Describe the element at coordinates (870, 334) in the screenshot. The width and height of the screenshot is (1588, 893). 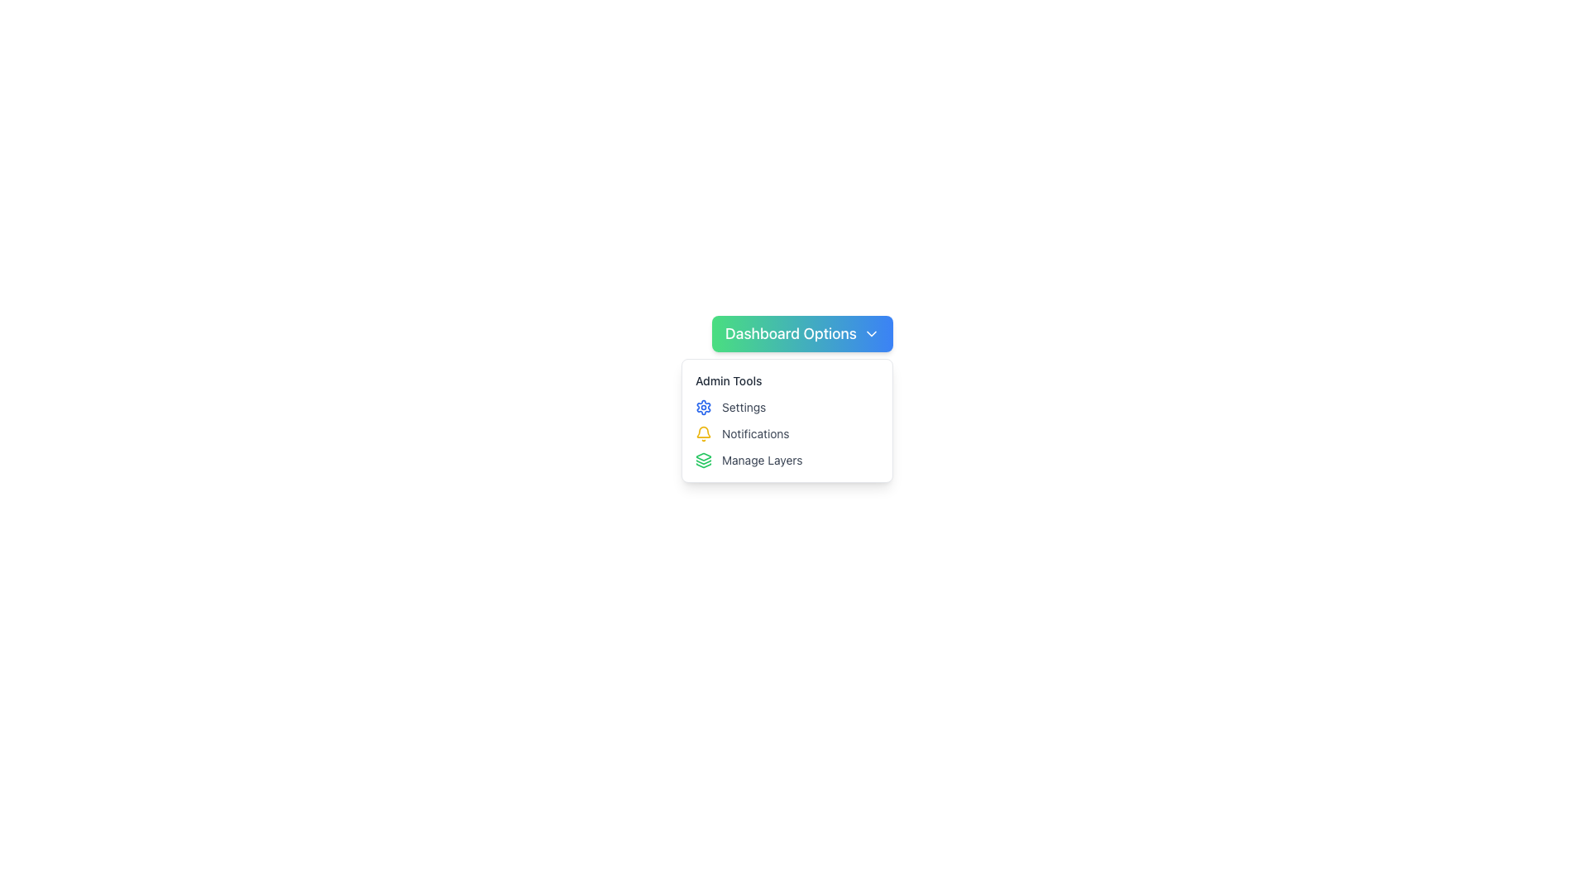
I see `the downward-facing chevron icon with a white stroke on a blue background, located at the right end of the 'Dashboard Options' button` at that location.